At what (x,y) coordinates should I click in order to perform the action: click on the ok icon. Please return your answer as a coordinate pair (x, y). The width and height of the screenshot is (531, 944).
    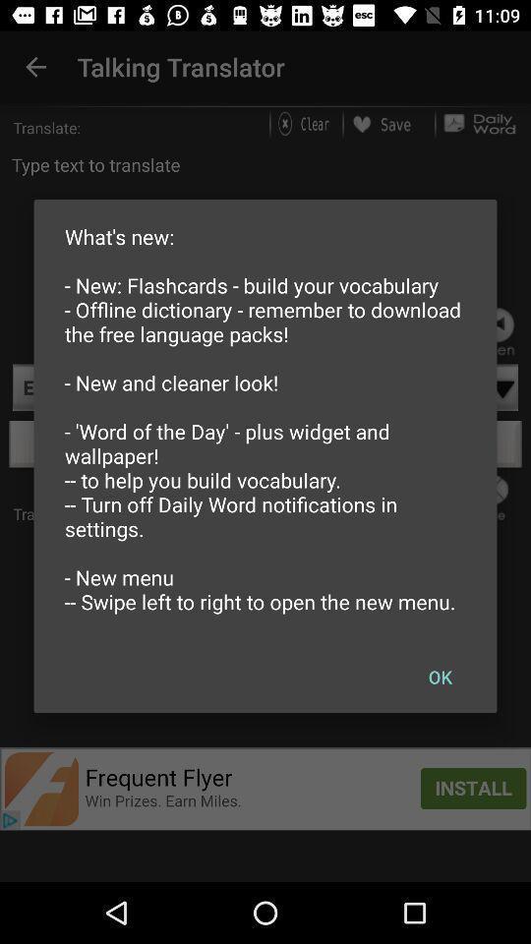
    Looking at the image, I should click on (440, 677).